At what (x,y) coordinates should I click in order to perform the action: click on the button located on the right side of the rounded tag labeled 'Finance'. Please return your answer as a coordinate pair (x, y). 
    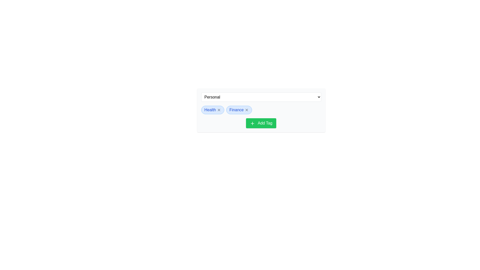
    Looking at the image, I should click on (246, 109).